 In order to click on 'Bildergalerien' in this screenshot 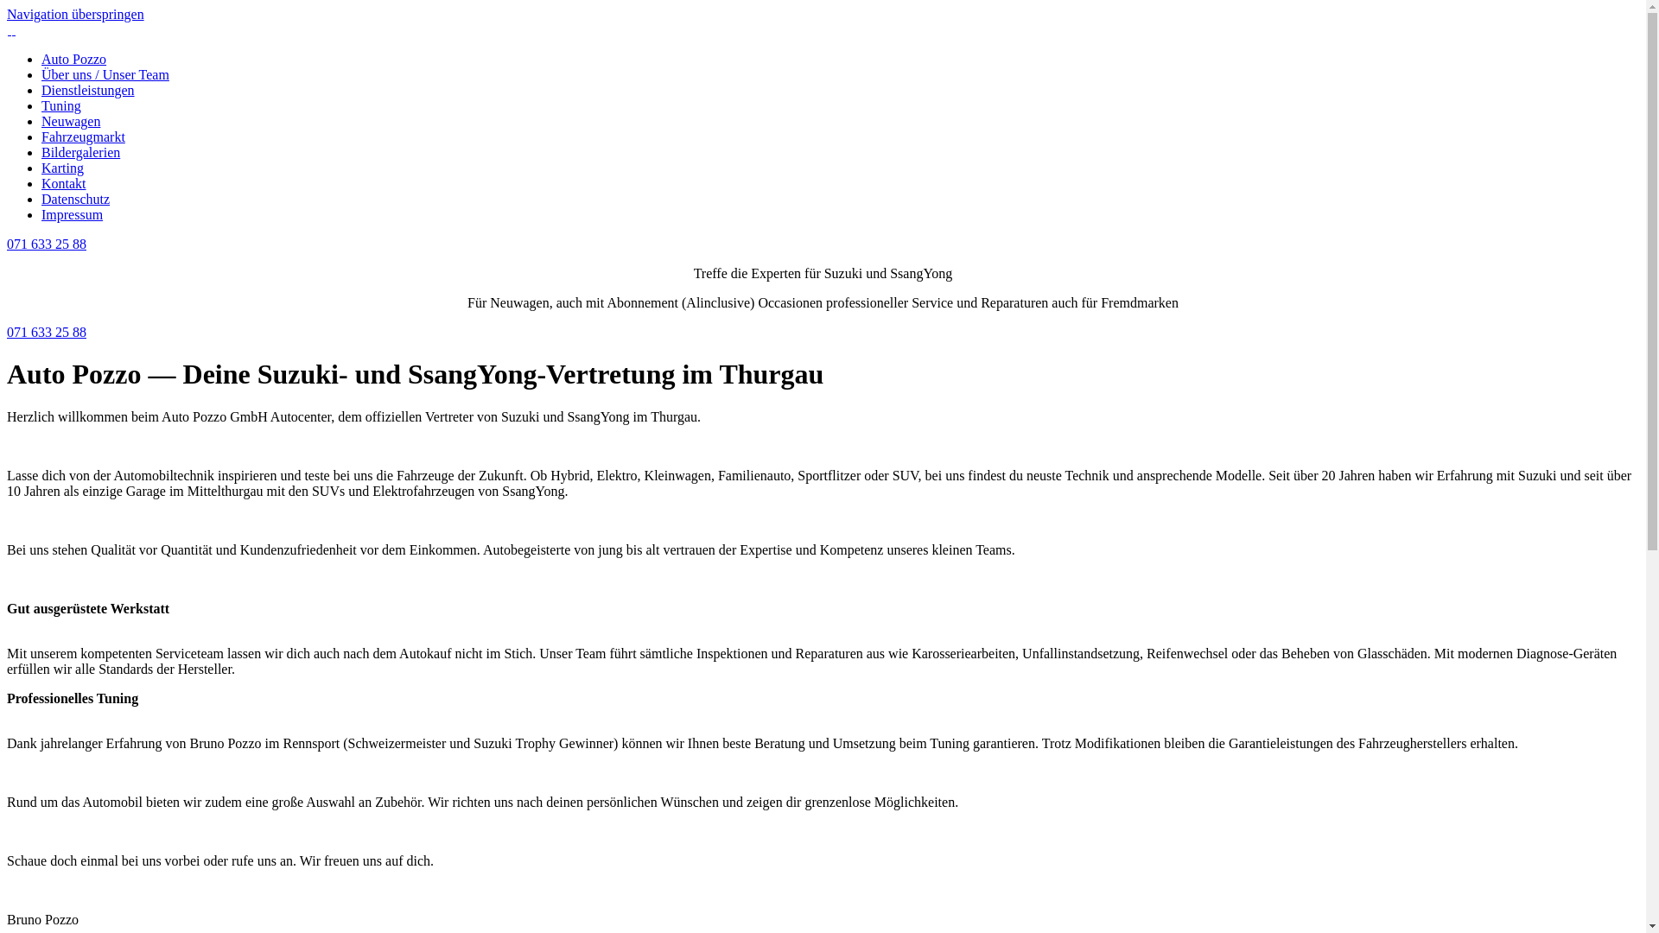, I will do `click(41, 151)`.